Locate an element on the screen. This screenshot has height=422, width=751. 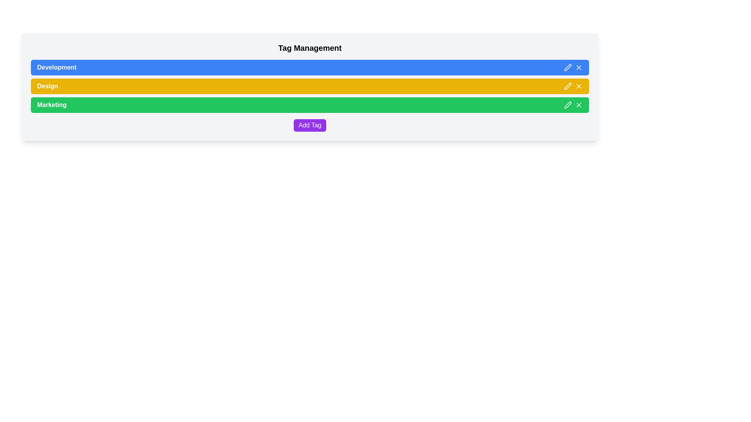
the purple button labeled 'Add Tag' to change its color to a darker shade of purple is located at coordinates (309, 125).